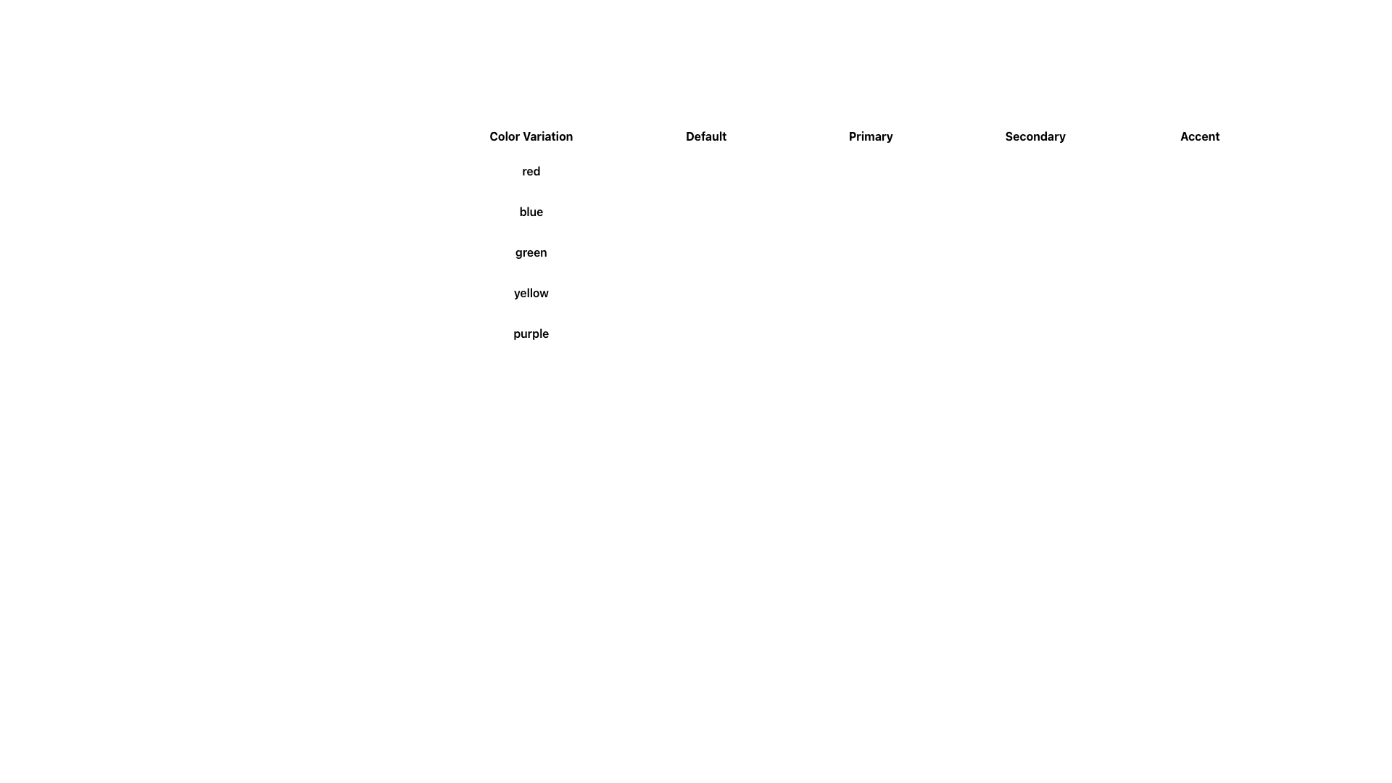 The image size is (1392, 783). What do you see at coordinates (678, 212) in the screenshot?
I see `the circular 'info' icon located at the leftmost side of the 'blue' button in the 'Color Variation' column` at bounding box center [678, 212].